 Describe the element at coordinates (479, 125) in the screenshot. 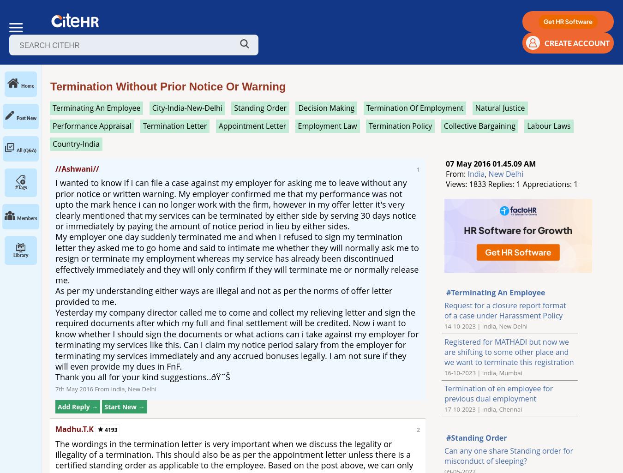

I see `'collective bargaining'` at that location.